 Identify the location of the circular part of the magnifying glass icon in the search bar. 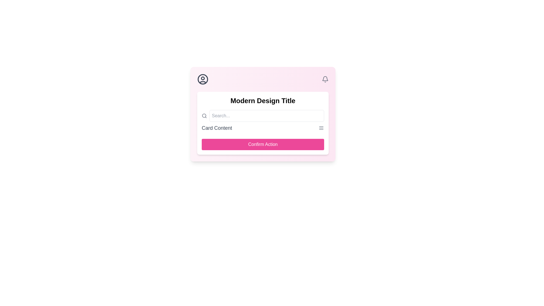
(204, 115).